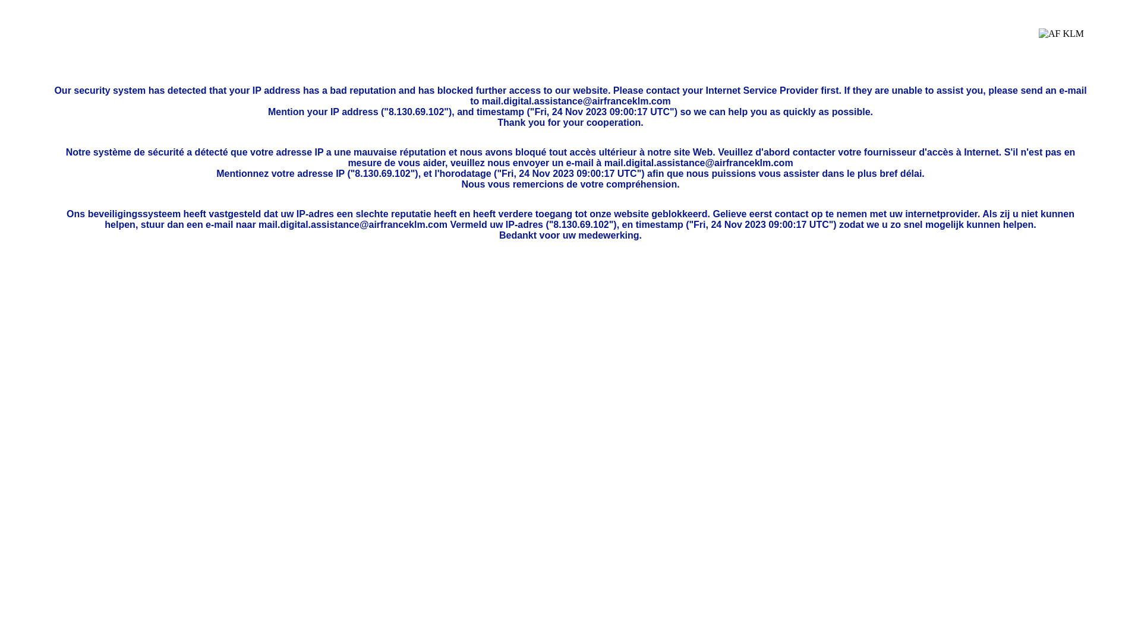  What do you see at coordinates (1038, 42) in the screenshot?
I see `'AF KLM'` at bounding box center [1038, 42].